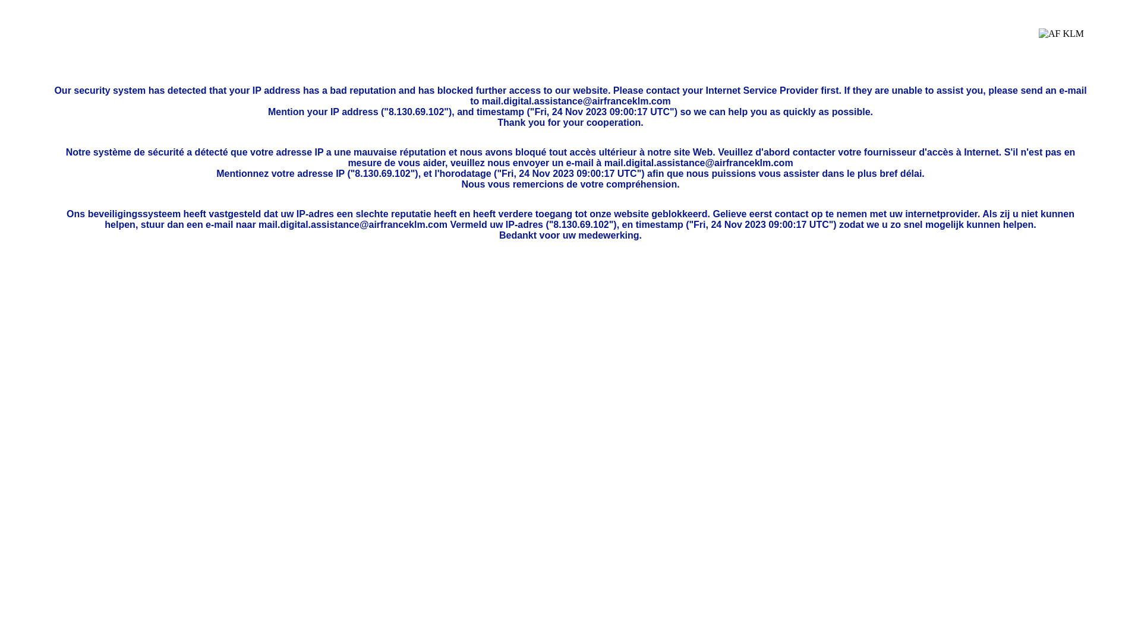  What do you see at coordinates (1038, 42) in the screenshot?
I see `'AF KLM'` at bounding box center [1038, 42].